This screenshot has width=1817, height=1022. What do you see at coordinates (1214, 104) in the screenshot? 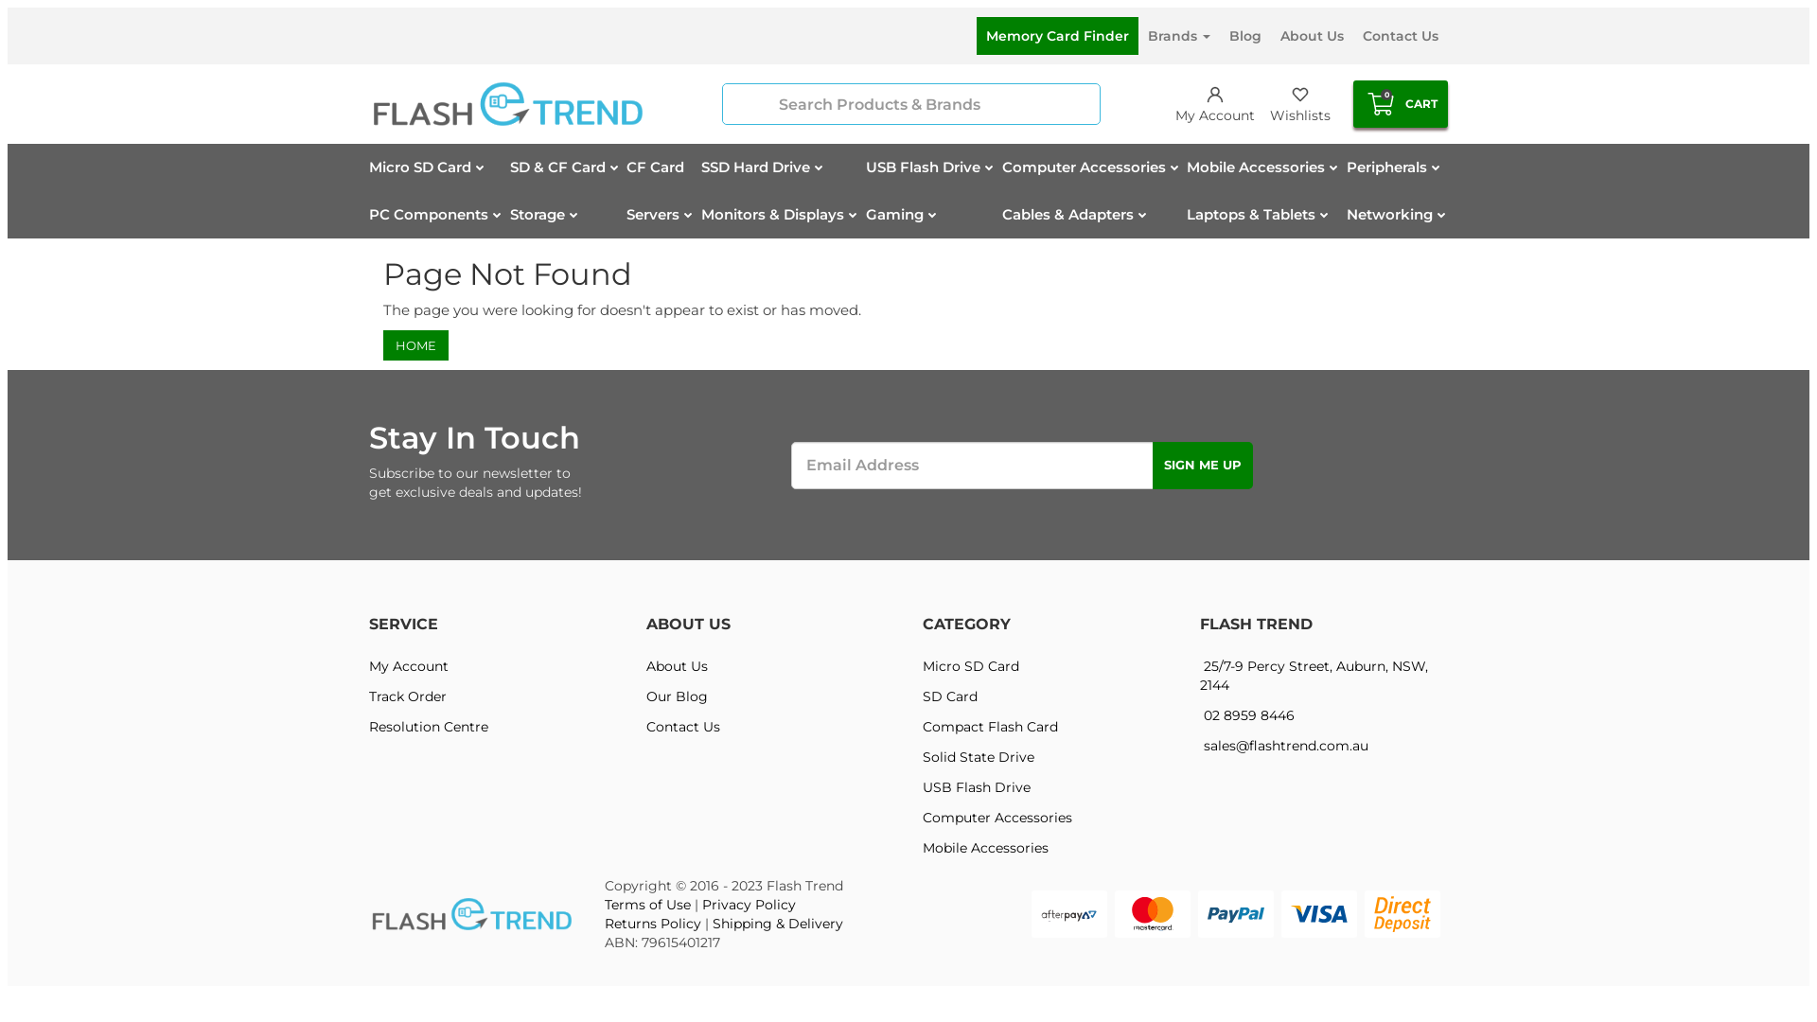
I see `'My Account'` at bounding box center [1214, 104].